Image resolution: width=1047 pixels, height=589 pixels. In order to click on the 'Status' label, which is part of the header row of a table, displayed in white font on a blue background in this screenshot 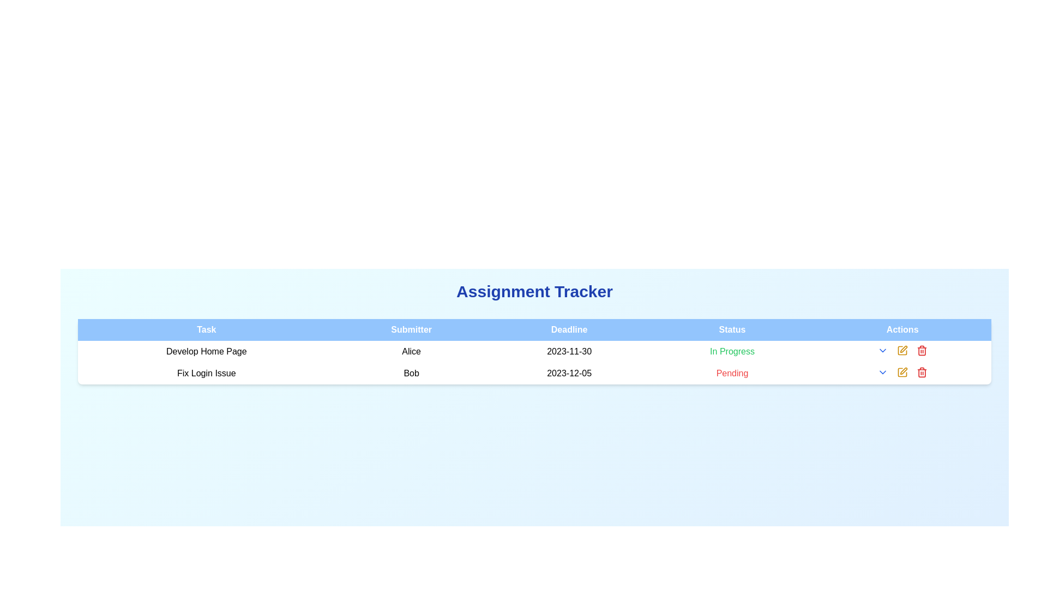, I will do `click(732, 329)`.